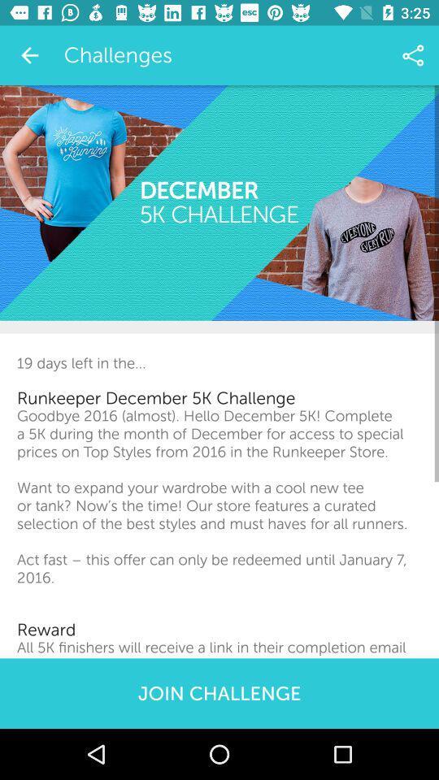  What do you see at coordinates (413, 55) in the screenshot?
I see `the item to the right of the challenges app` at bounding box center [413, 55].